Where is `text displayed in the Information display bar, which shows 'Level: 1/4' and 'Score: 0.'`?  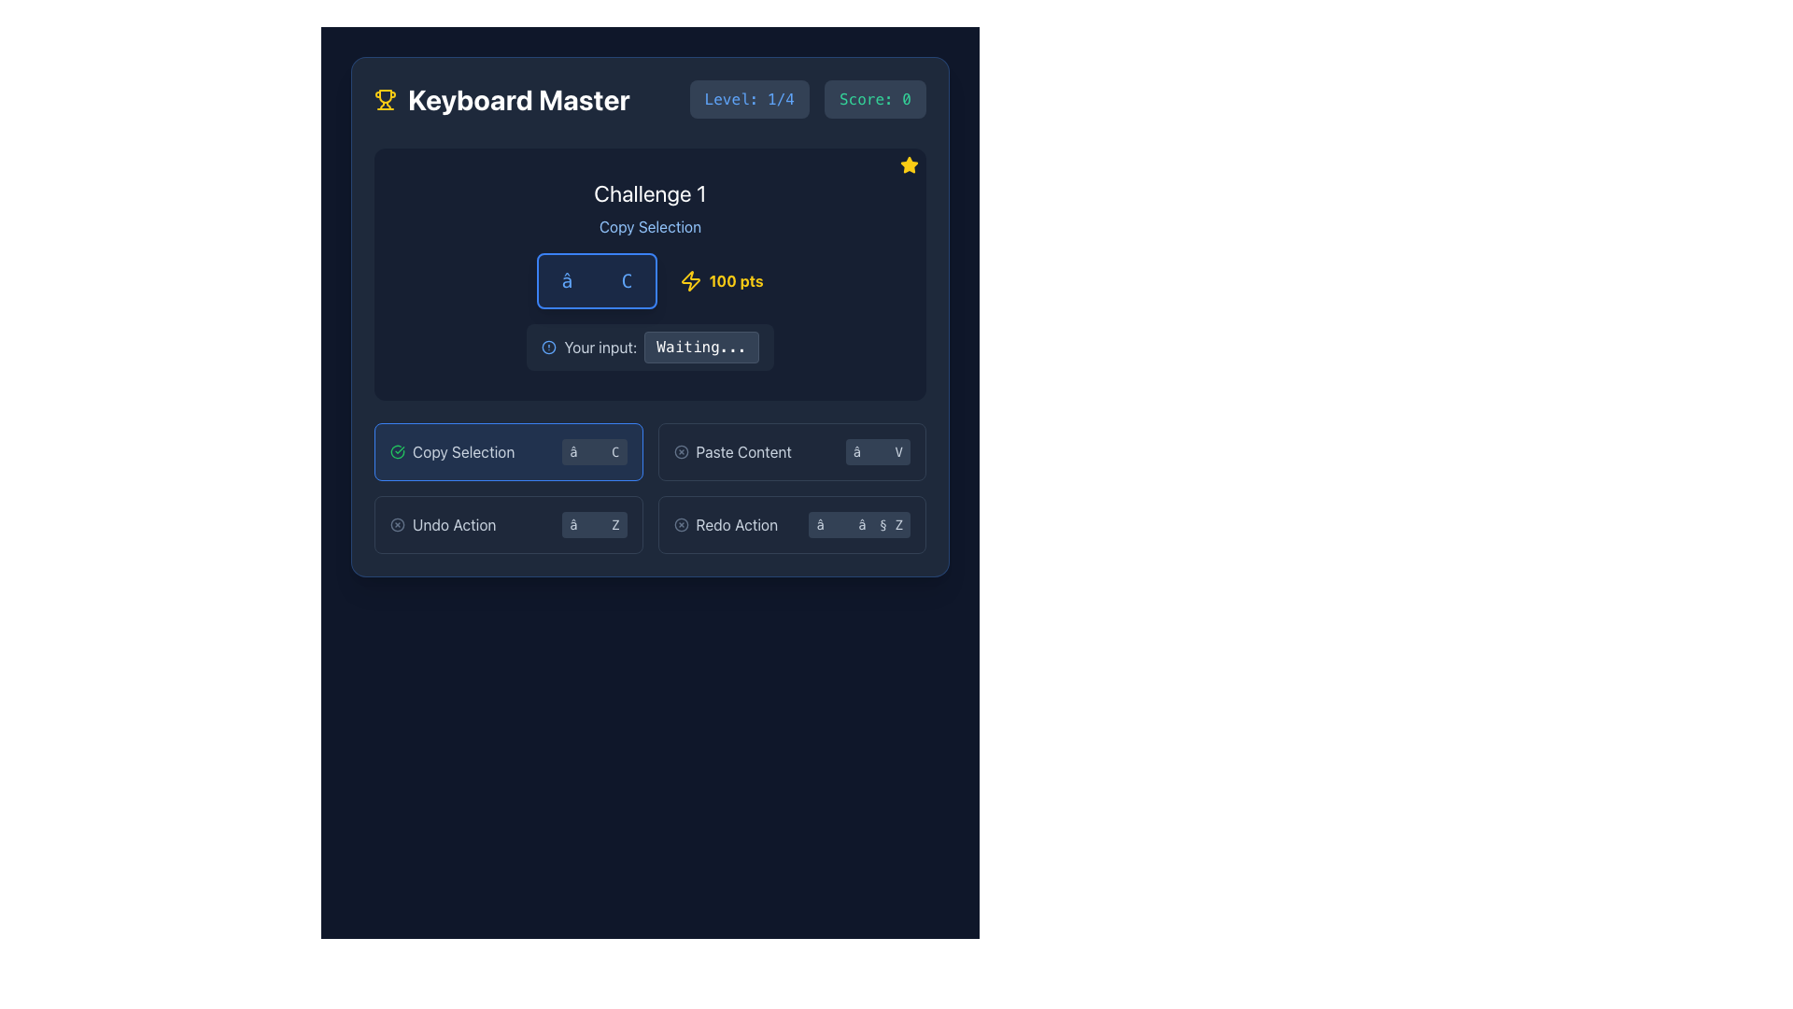 text displayed in the Information display bar, which shows 'Level: 1/4' and 'Score: 0.' is located at coordinates (808, 99).